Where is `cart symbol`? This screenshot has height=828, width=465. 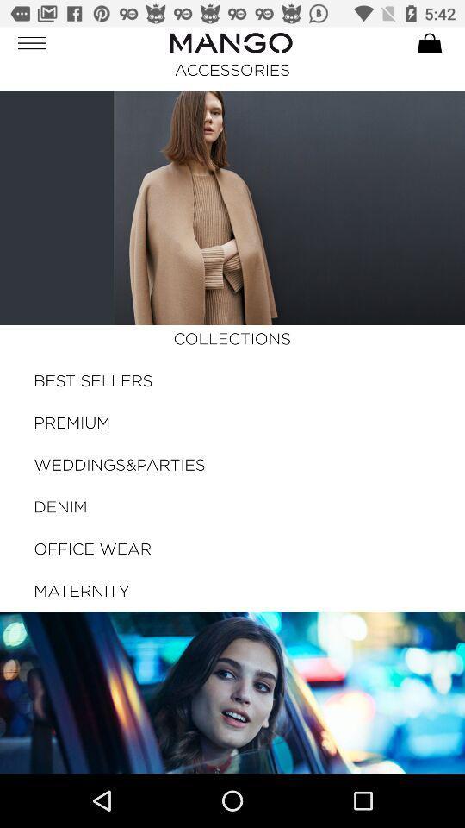
cart symbol is located at coordinates (429, 42).